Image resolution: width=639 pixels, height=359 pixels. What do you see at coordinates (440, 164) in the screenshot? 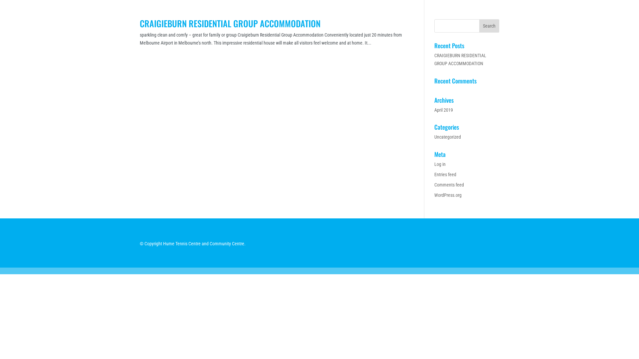
I see `'Log in'` at bounding box center [440, 164].